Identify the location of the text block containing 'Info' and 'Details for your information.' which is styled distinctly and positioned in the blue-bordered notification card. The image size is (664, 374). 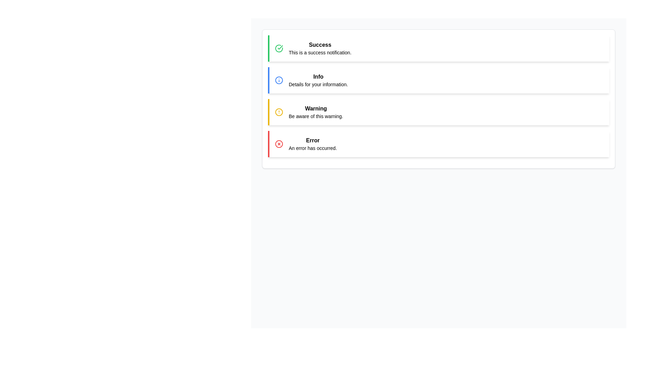
(318, 80).